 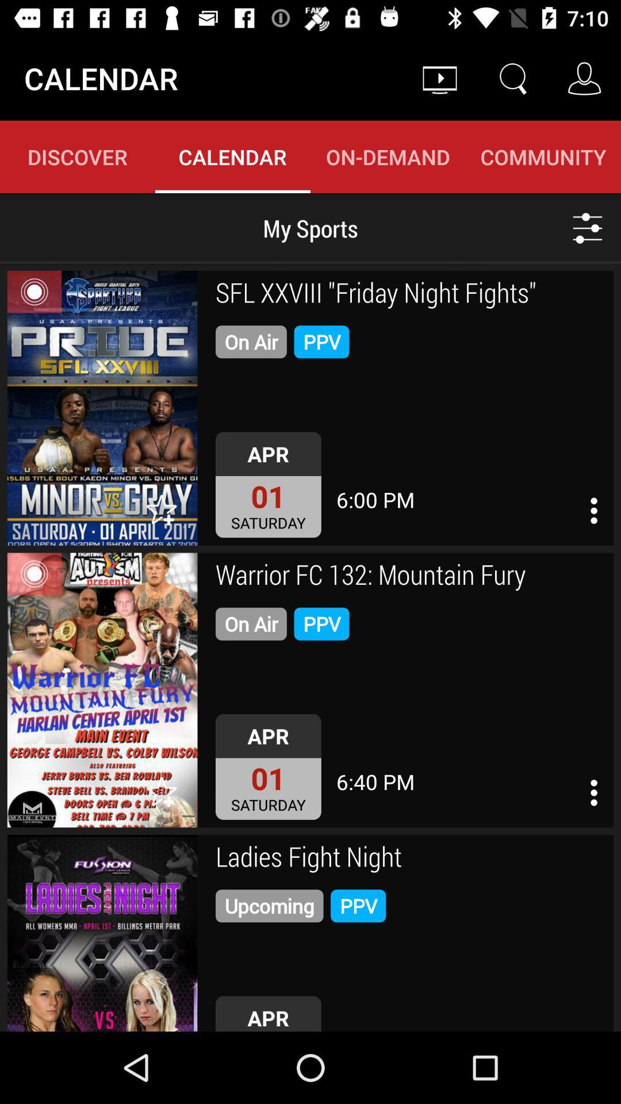 I want to click on item to the right of the my sports item, so click(x=588, y=228).